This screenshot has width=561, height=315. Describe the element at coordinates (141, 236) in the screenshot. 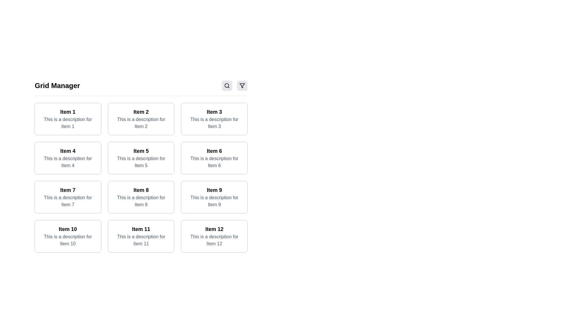

I see `the Grid Item element with the bolded title 'Item 11' and description 'This is a description for Item 11'` at that location.